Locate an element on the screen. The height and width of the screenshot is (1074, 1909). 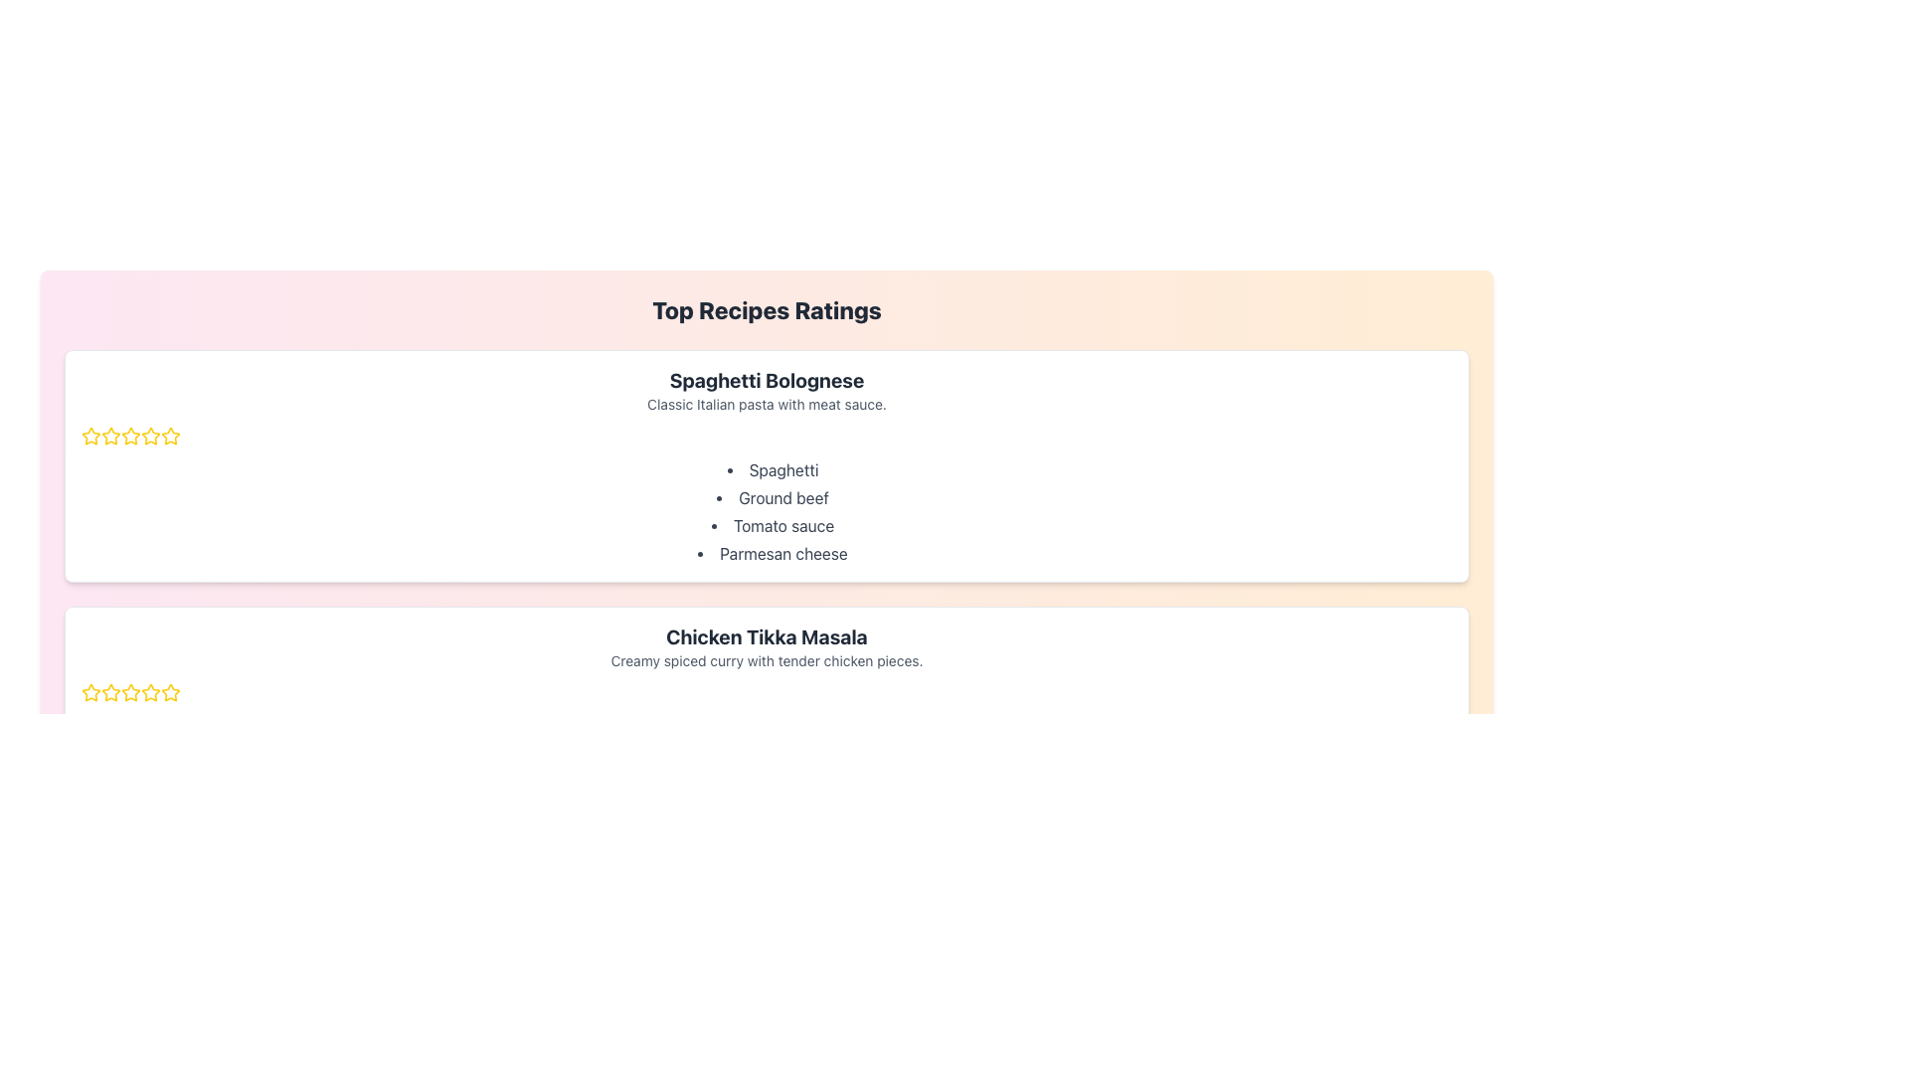
the leftmost star rating icon, which is styled with a yellow fill and thin outlines is located at coordinates (89, 692).